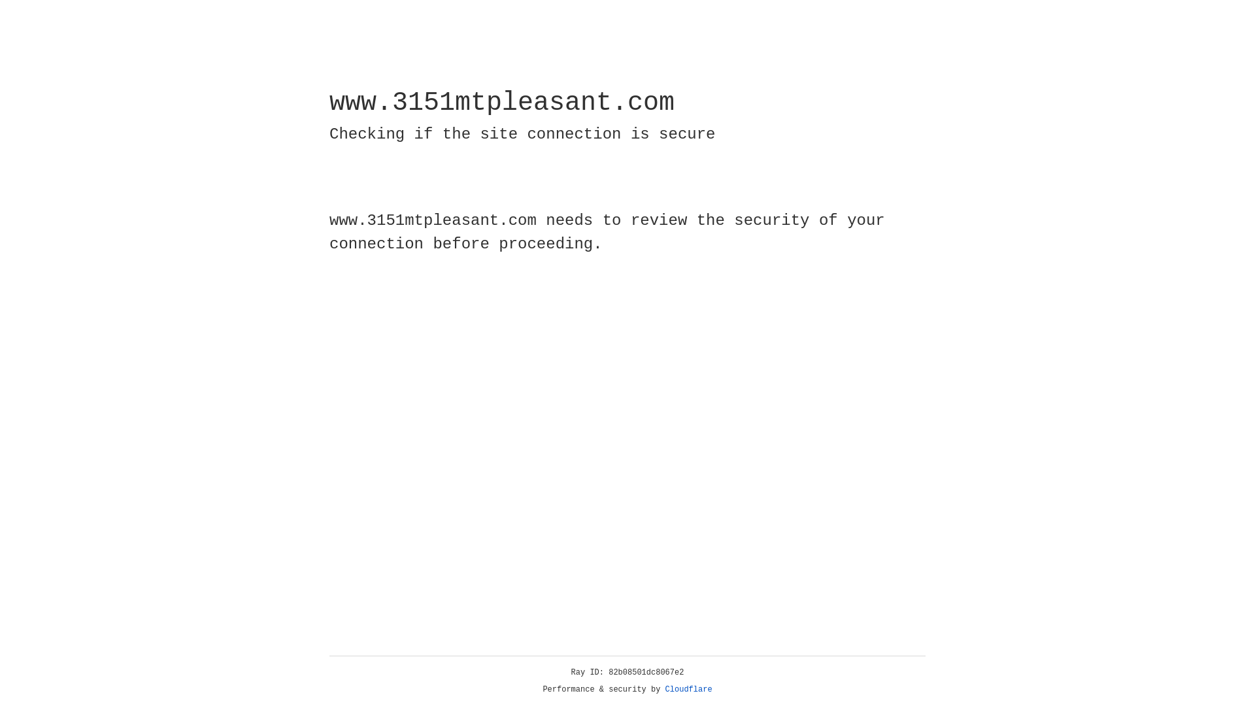 The width and height of the screenshot is (1255, 706). What do you see at coordinates (688, 689) in the screenshot?
I see `'Cloudflare'` at bounding box center [688, 689].